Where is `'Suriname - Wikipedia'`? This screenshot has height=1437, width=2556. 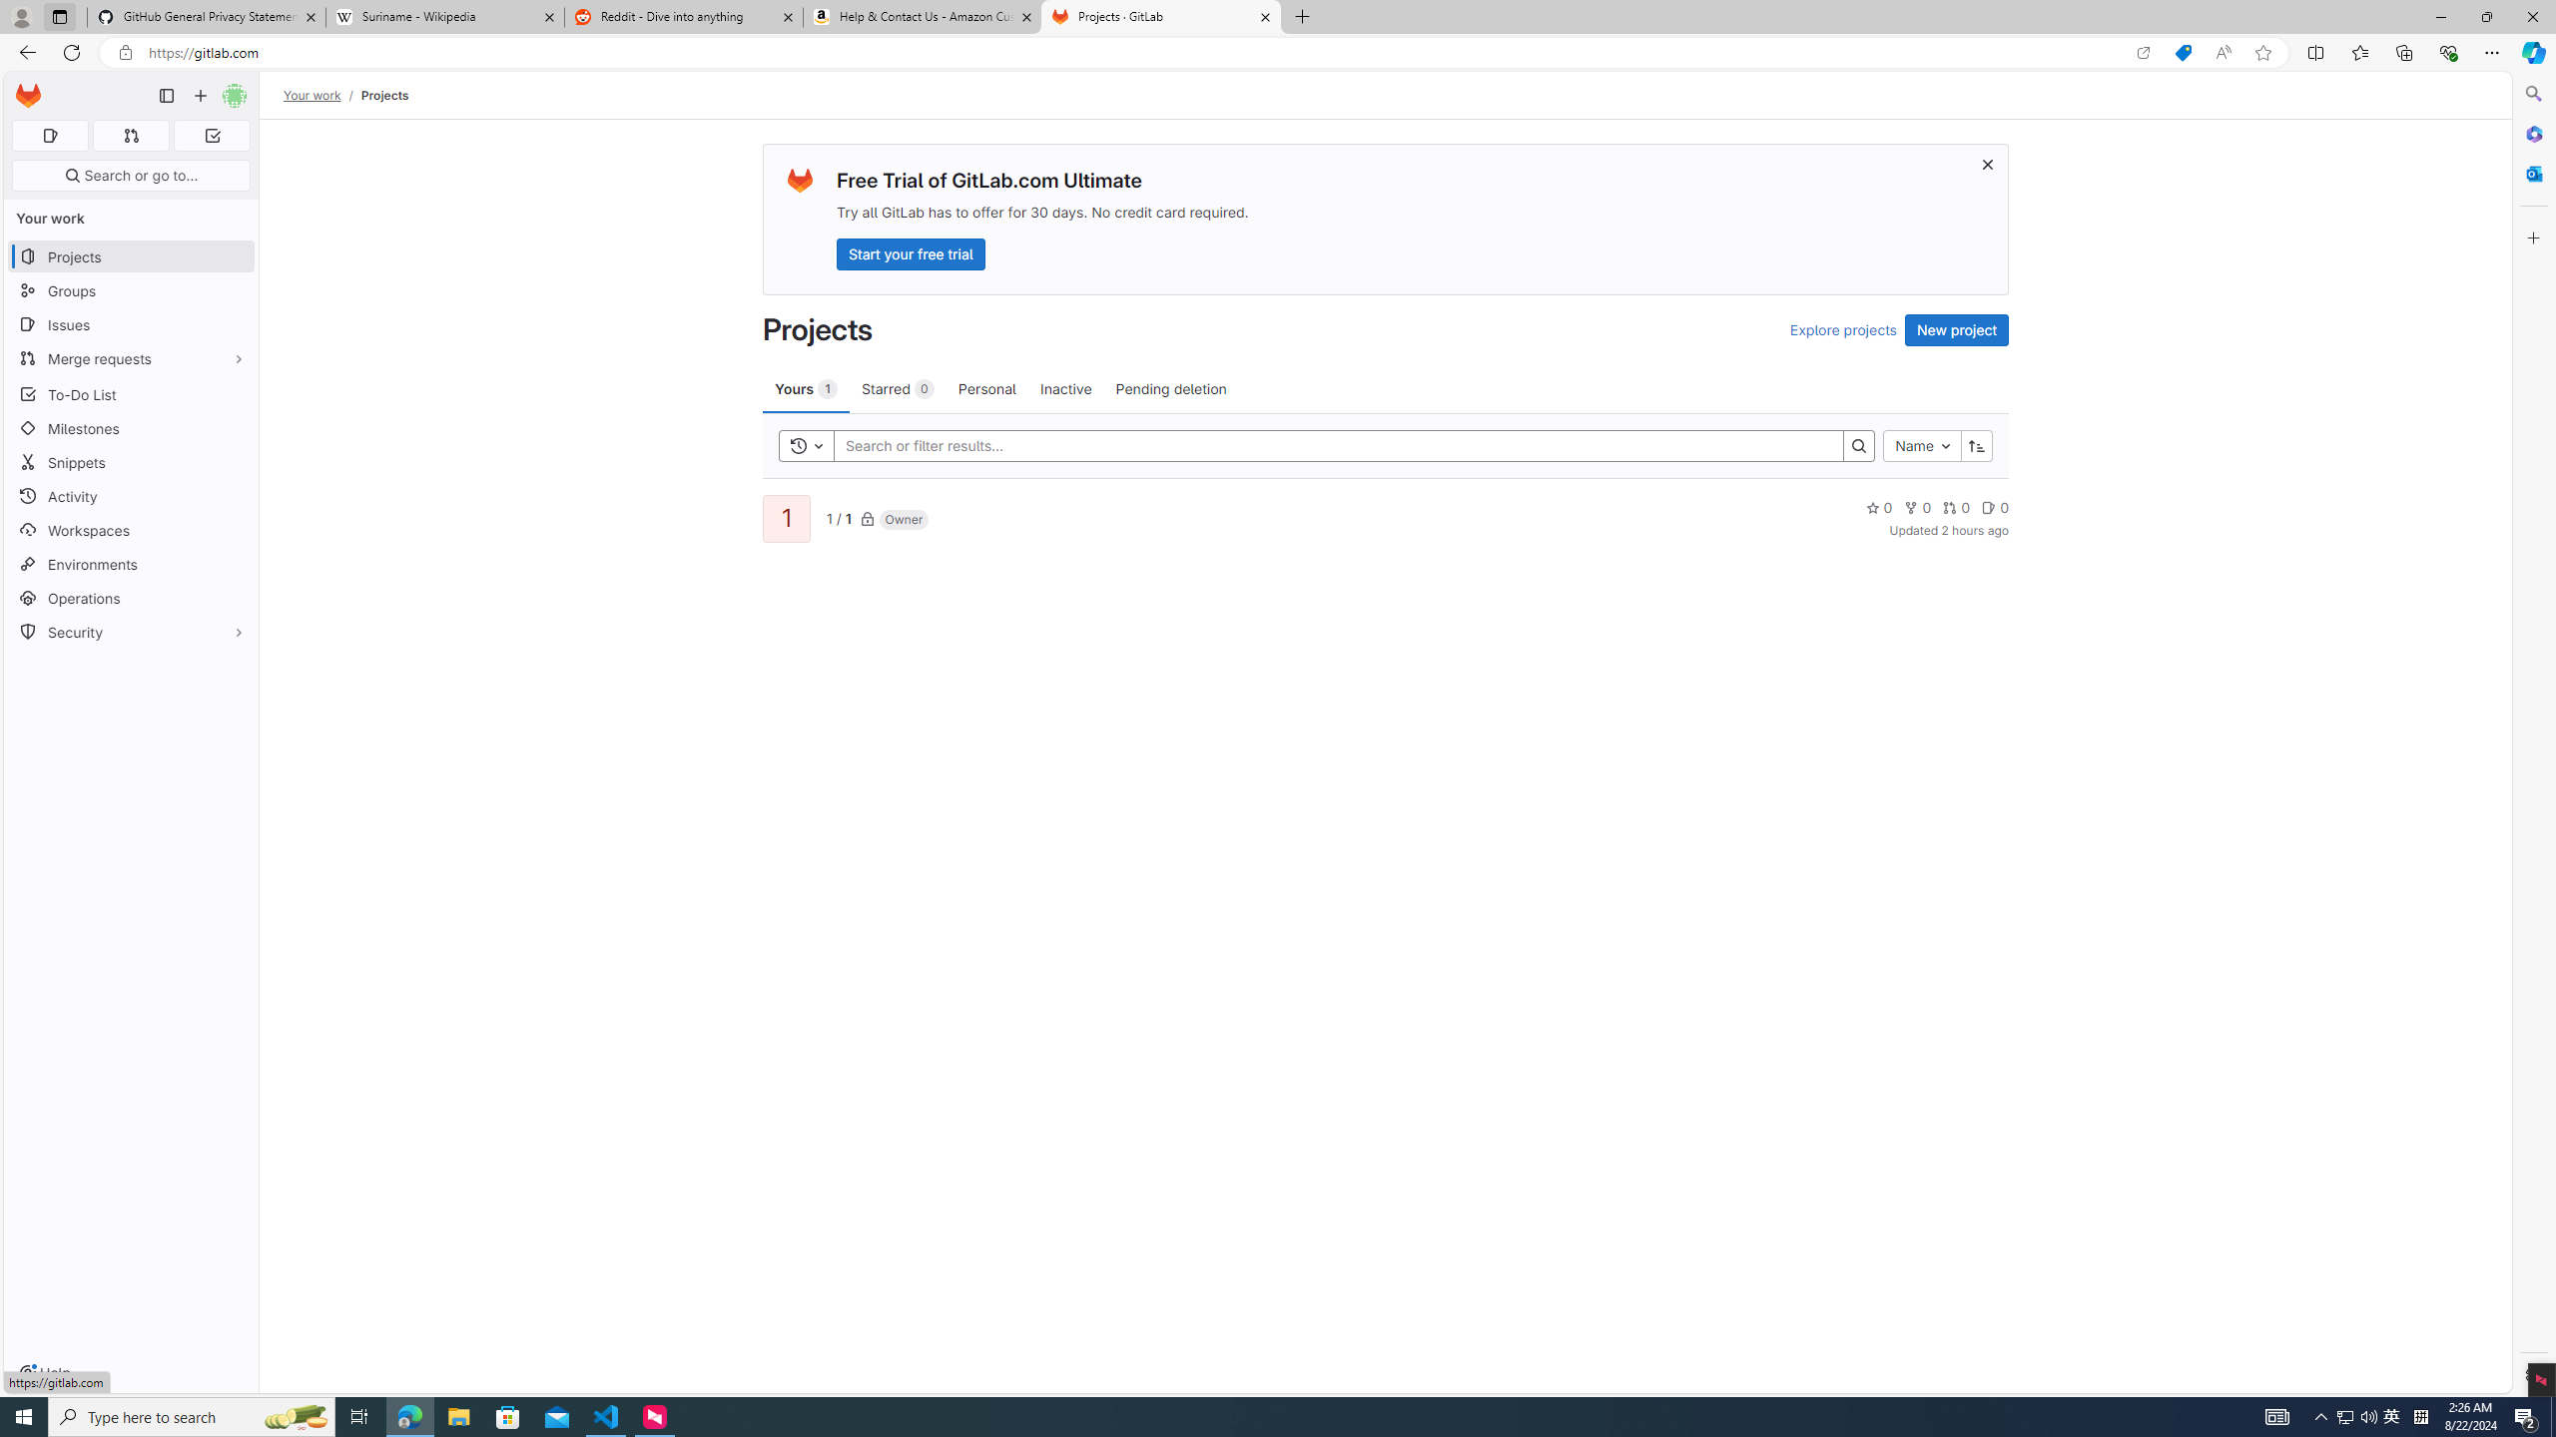
'Suriname - Wikipedia' is located at coordinates (443, 16).